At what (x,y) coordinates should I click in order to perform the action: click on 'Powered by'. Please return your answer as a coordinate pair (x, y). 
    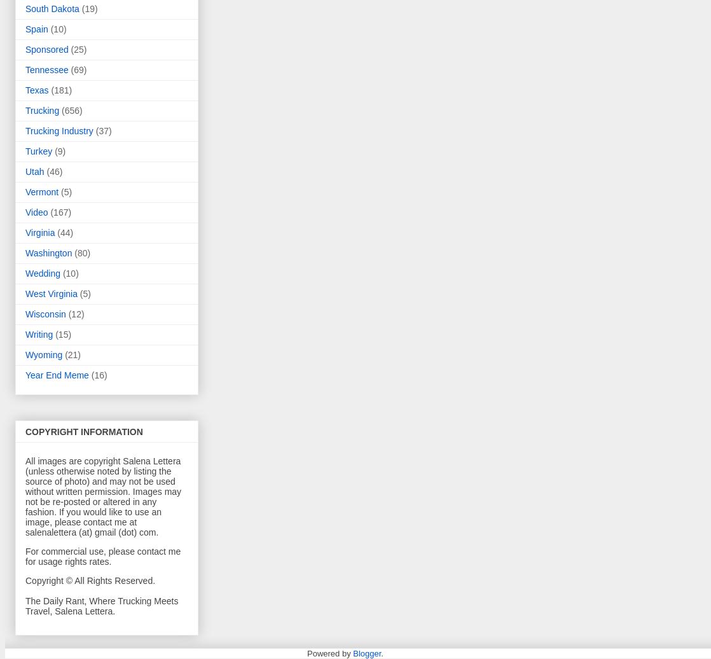
    Looking at the image, I should click on (329, 653).